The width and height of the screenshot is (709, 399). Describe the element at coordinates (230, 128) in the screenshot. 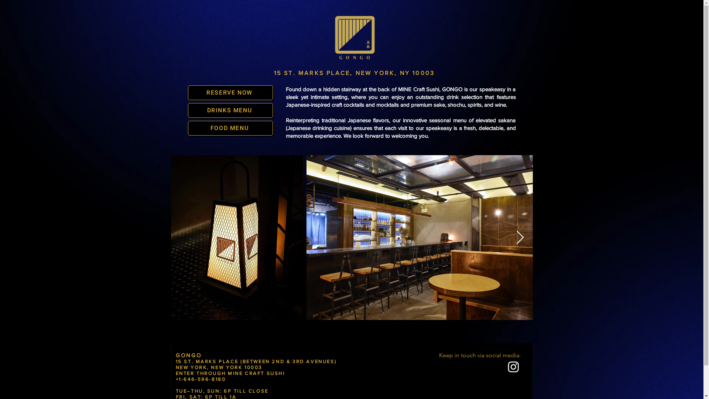

I see `'FOOD MENU'` at that location.